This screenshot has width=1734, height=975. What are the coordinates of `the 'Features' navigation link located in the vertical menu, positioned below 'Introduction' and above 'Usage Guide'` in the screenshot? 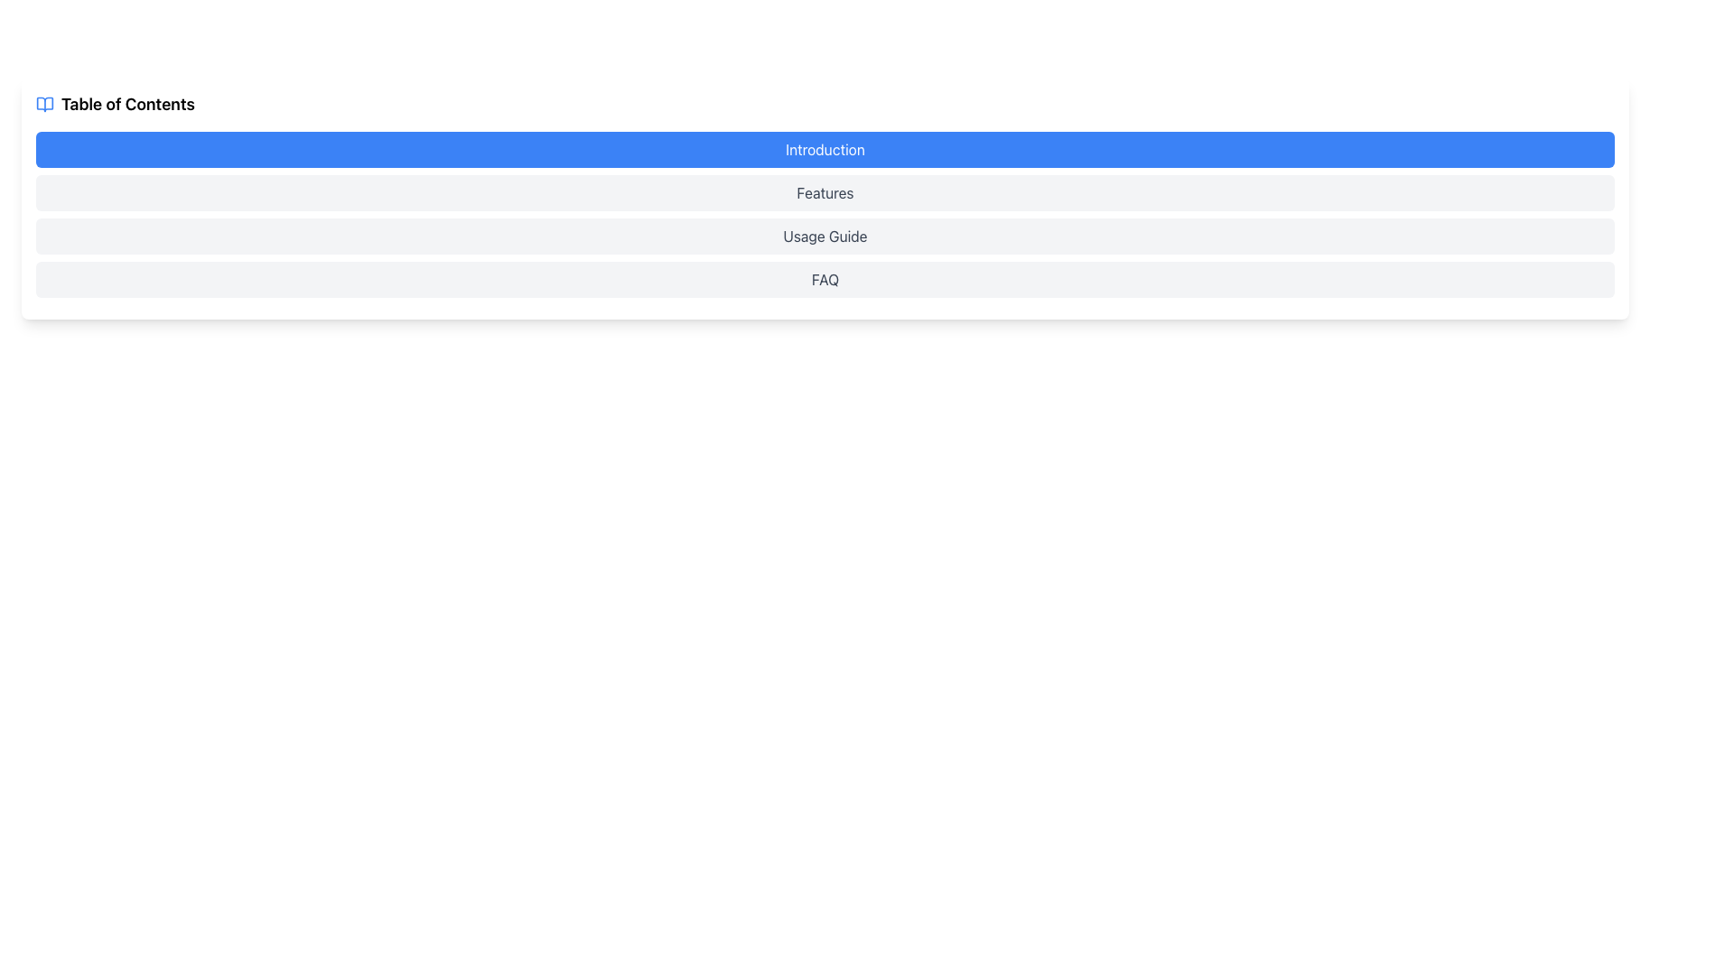 It's located at (824, 192).